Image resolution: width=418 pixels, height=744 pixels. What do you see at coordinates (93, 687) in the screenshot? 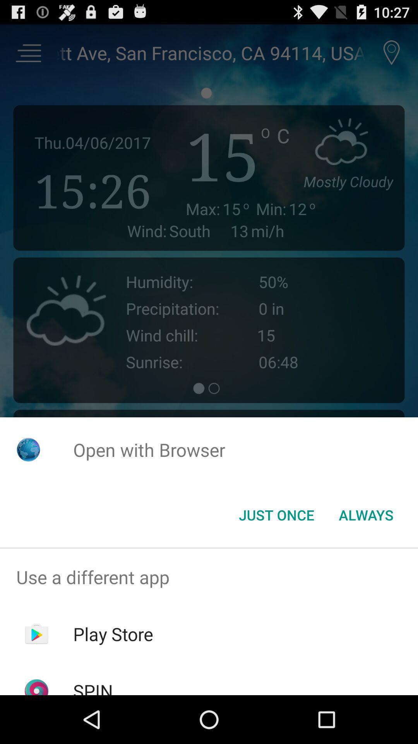
I see `the spin app` at bounding box center [93, 687].